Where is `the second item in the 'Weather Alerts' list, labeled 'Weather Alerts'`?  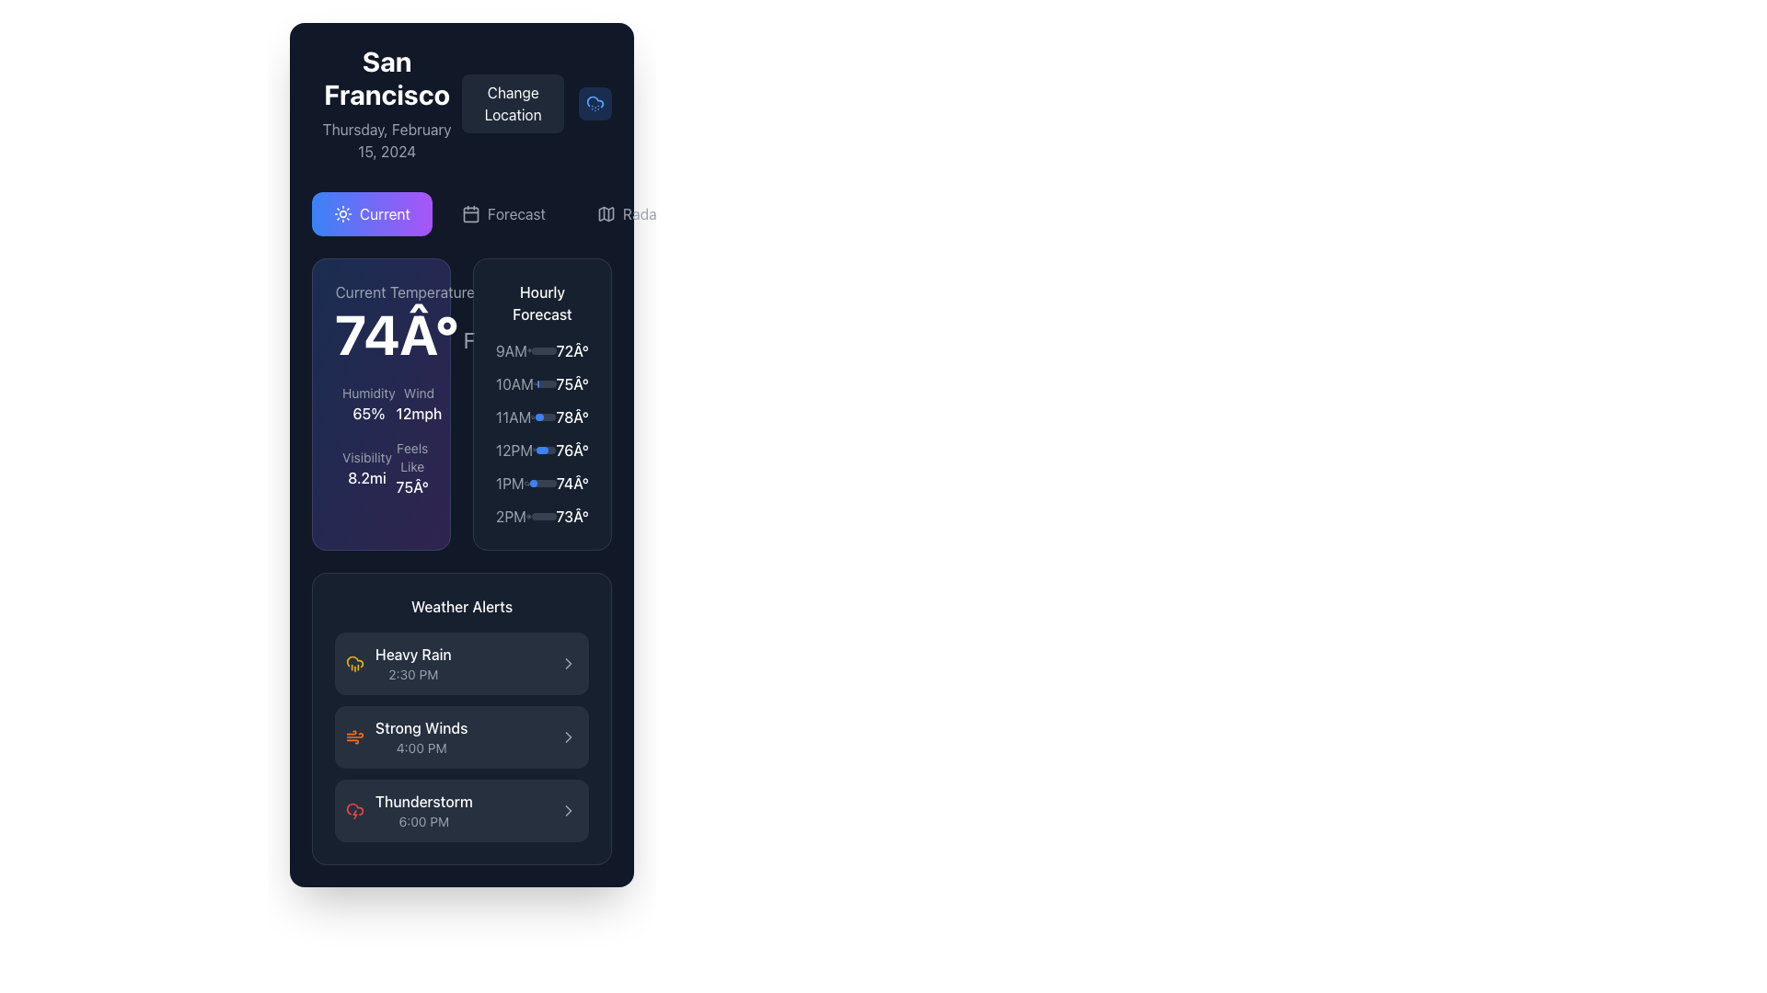 the second item in the 'Weather Alerts' list, labeled 'Weather Alerts' is located at coordinates (462, 718).